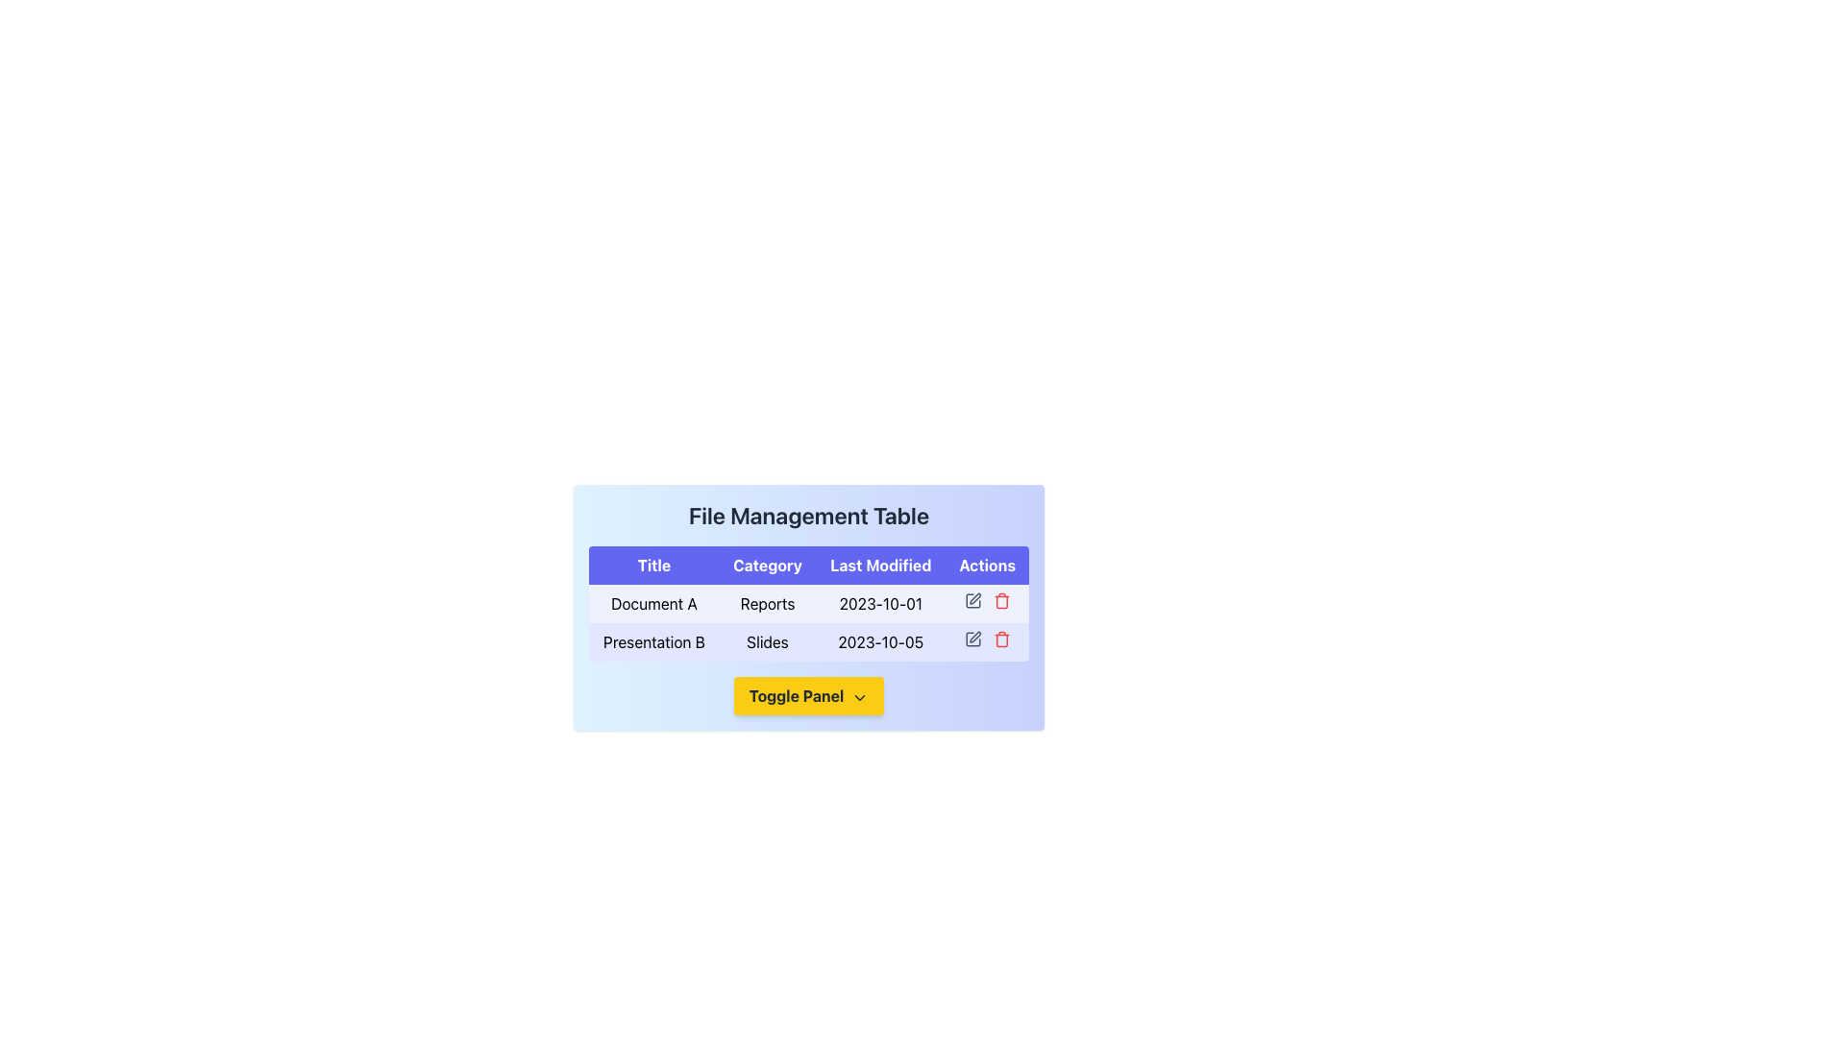 This screenshot has width=1845, height=1037. What do you see at coordinates (859, 697) in the screenshot?
I see `the downward-pointing chevron icon located to the right of the 'Toggle Panel' button` at bounding box center [859, 697].